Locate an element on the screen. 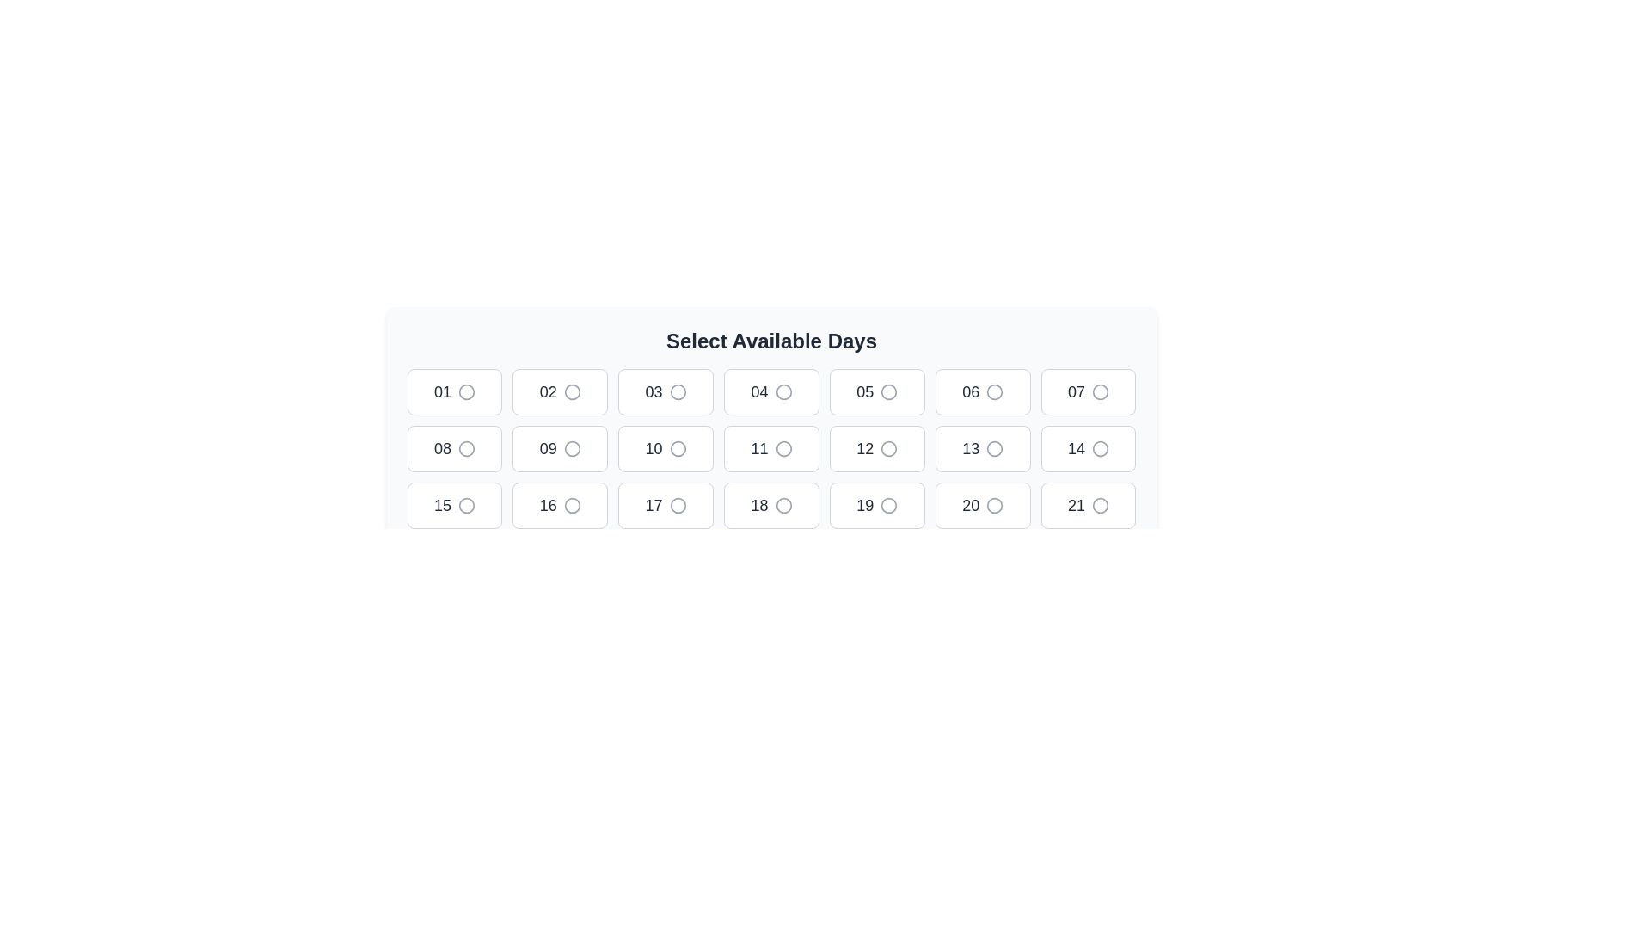 The image size is (1651, 929). the radio button for selecting the '05' option to mark it as selected is located at coordinates (889, 391).